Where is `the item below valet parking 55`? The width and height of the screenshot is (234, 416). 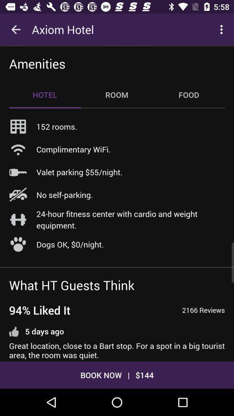 the item below valet parking 55 is located at coordinates (64, 195).